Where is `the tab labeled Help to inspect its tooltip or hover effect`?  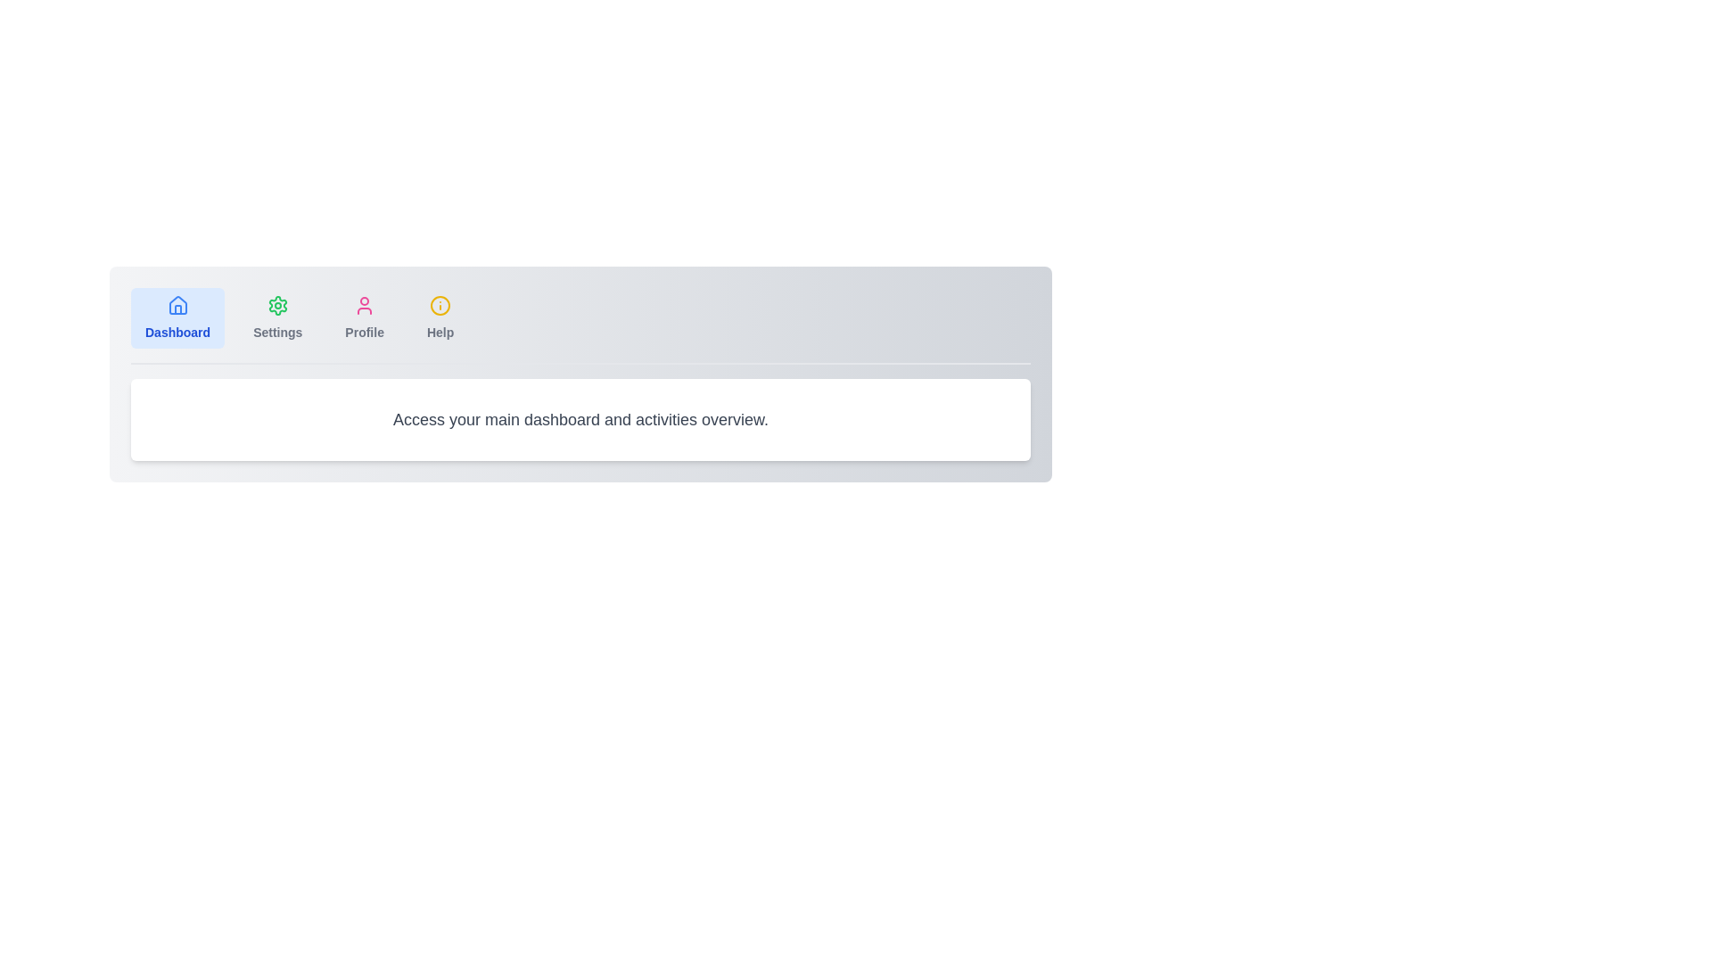
the tab labeled Help to inspect its tooltip or hover effect is located at coordinates (440, 317).